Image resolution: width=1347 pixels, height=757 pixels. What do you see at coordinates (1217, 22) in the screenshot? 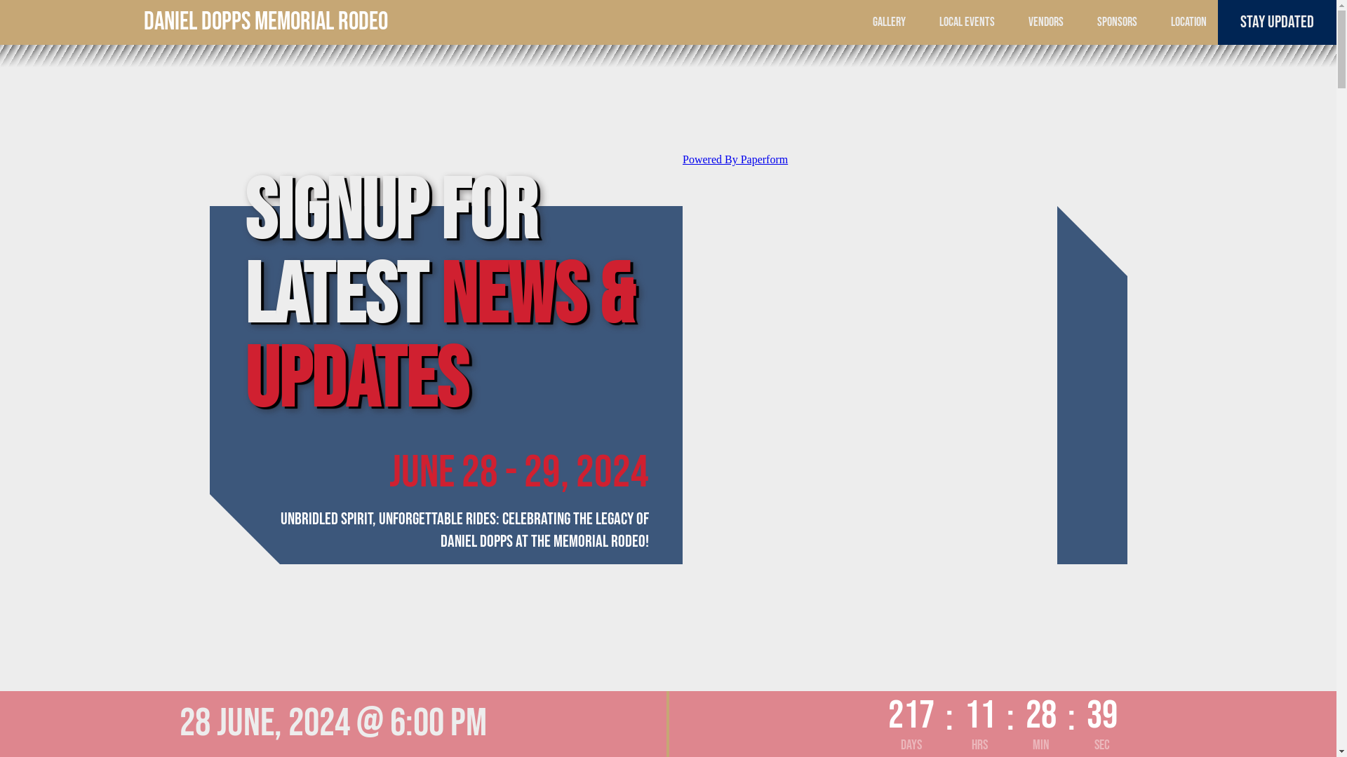
I see `'STAY UPDATED'` at bounding box center [1217, 22].